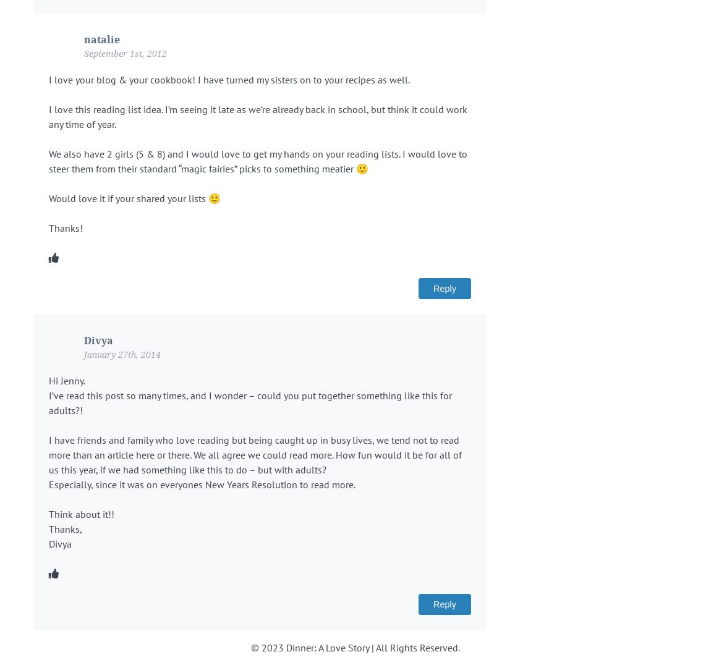 The width and height of the screenshot is (711, 665). Describe the element at coordinates (134, 198) in the screenshot. I see `'Would love it if your shared your lists 🙂'` at that location.